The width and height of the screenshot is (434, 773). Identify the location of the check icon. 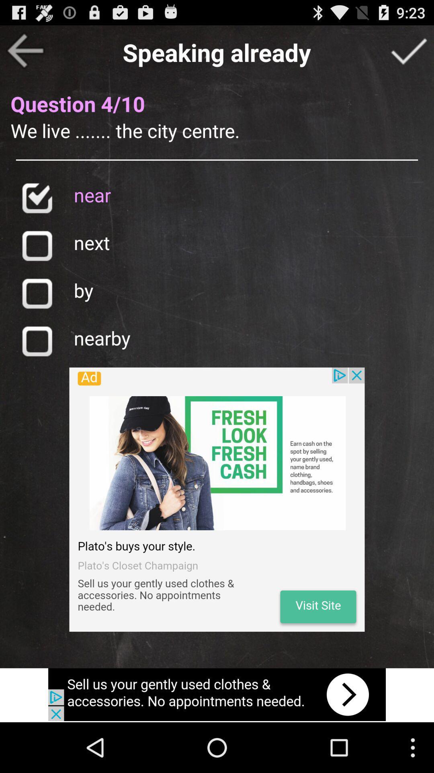
(37, 212).